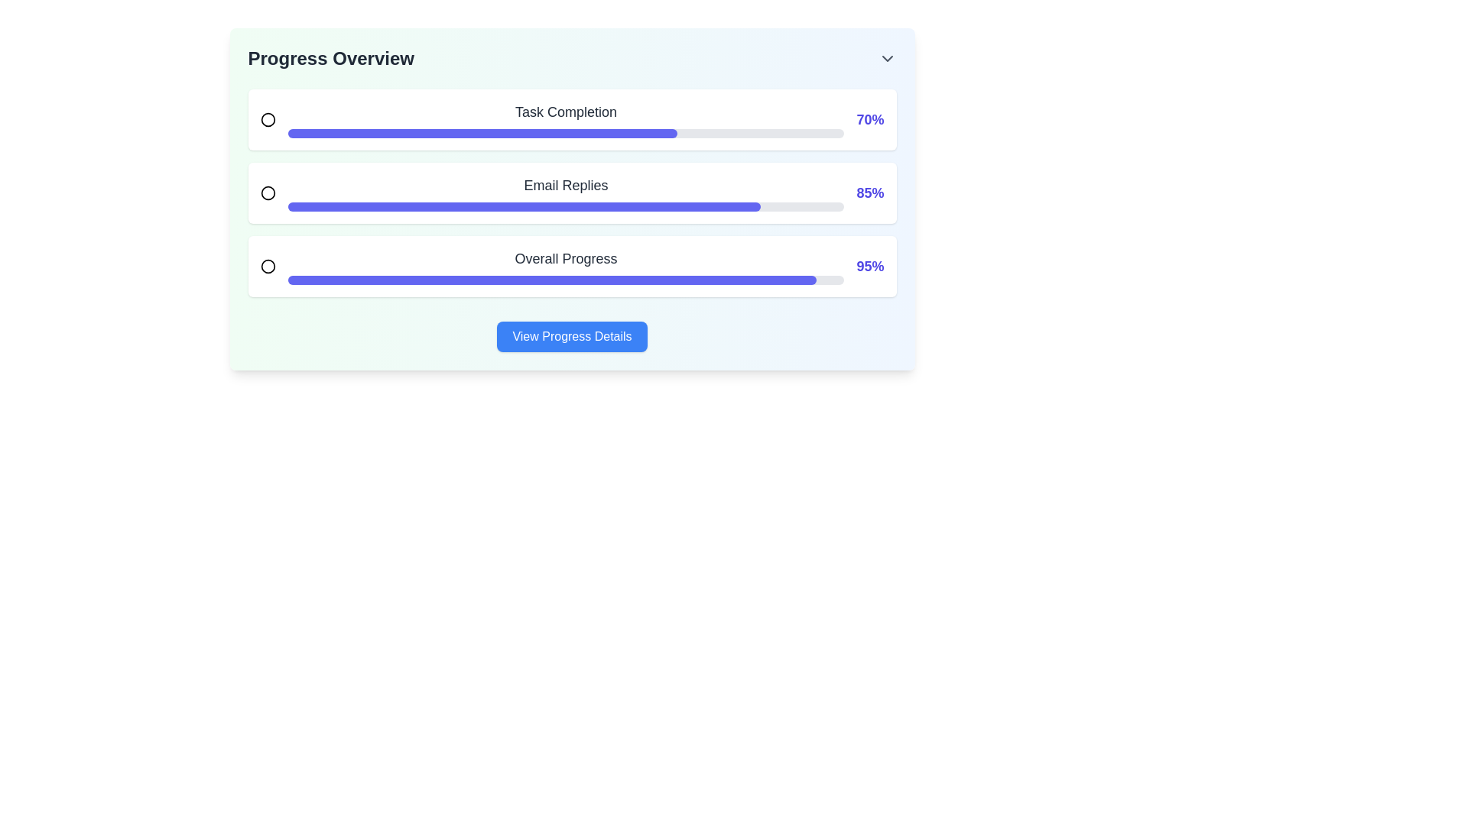 This screenshot has height=825, width=1468. I want to click on the circular icon styled with a primary color, located at the far-left side of the 'Email Replies' section, aligned with the label text and progress bar, so click(268, 192).